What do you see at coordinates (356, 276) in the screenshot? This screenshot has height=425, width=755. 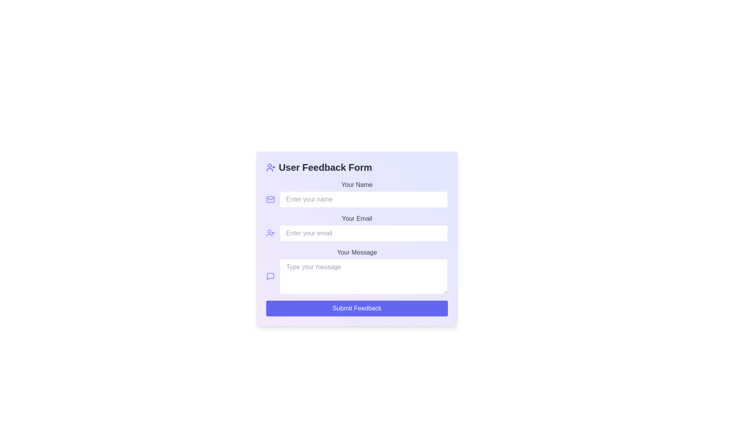 I see `the textarea input for user feedback, located in the 'Your Message' section, beneath the 'Your Email' field and above the 'Submit Feedback' button` at bounding box center [356, 276].